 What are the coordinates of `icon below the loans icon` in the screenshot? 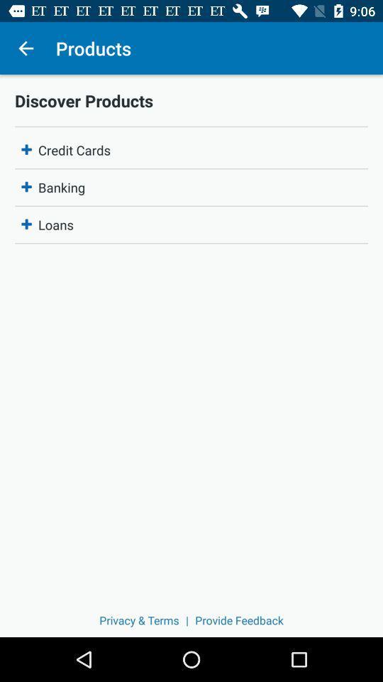 It's located at (239, 619).